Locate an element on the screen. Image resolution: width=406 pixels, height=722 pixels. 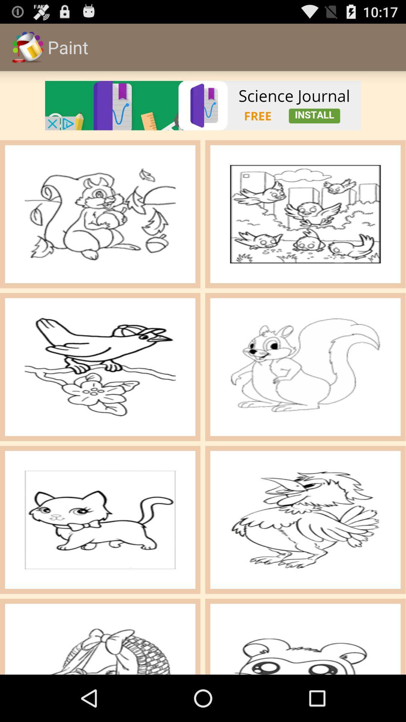
go to advt page is located at coordinates (203, 105).